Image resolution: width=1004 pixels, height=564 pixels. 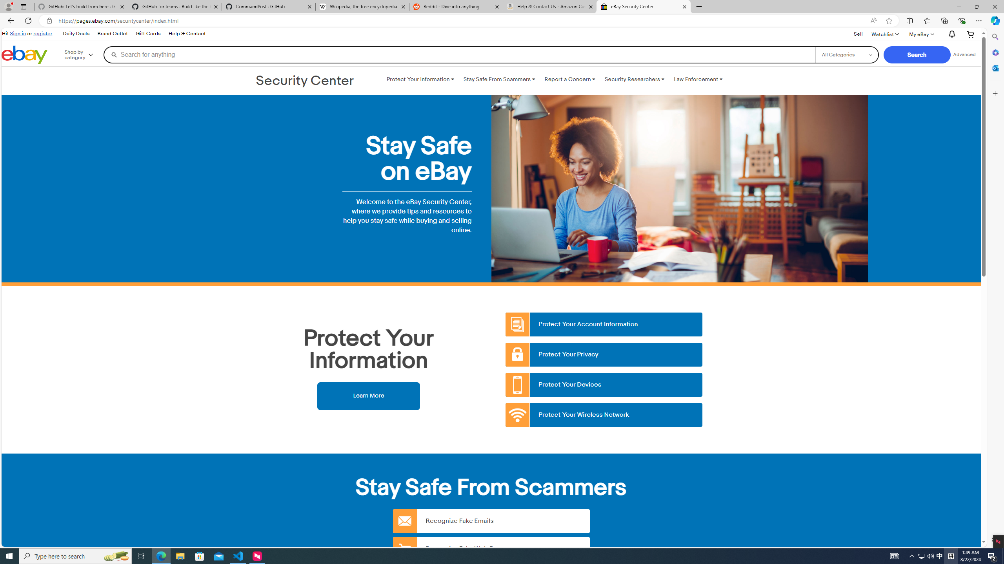 I want to click on 'Your shopping cart', so click(x=970, y=34).